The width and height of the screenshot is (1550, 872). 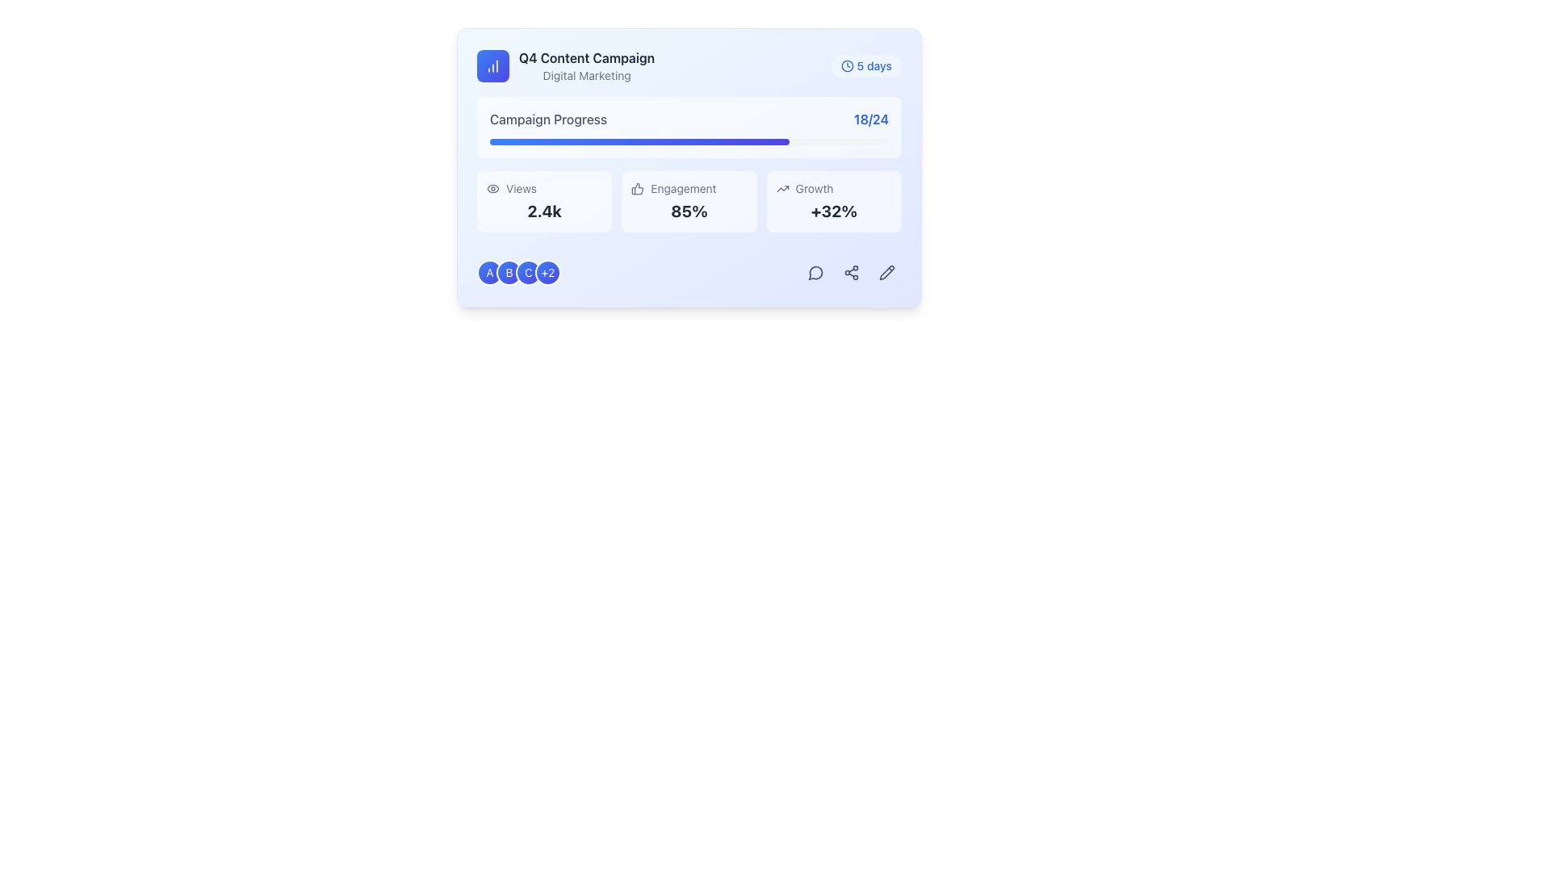 I want to click on the pencil icon component, which is part of an SVG group representing an edit action, located at the bottom-right corner of the blue card, so click(x=886, y=270).